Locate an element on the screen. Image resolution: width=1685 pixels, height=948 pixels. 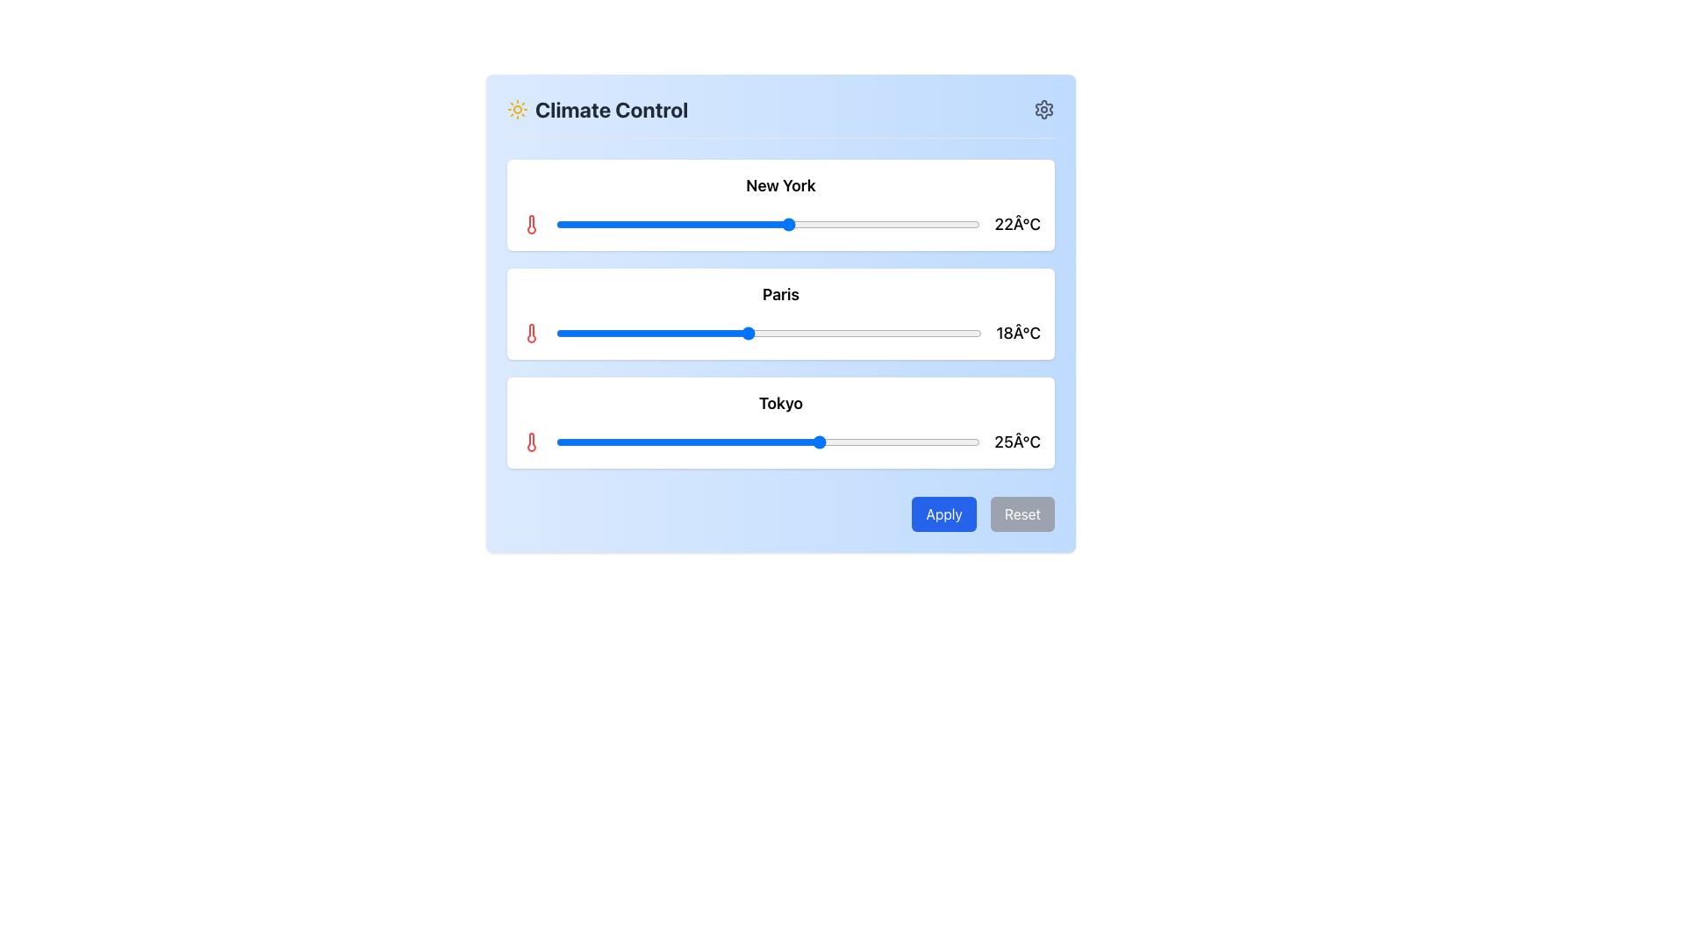
the horizontal range slider located in the 'Tokyo' section of the interface, which is visually positioned near the text '25°C' is located at coordinates (768, 442).